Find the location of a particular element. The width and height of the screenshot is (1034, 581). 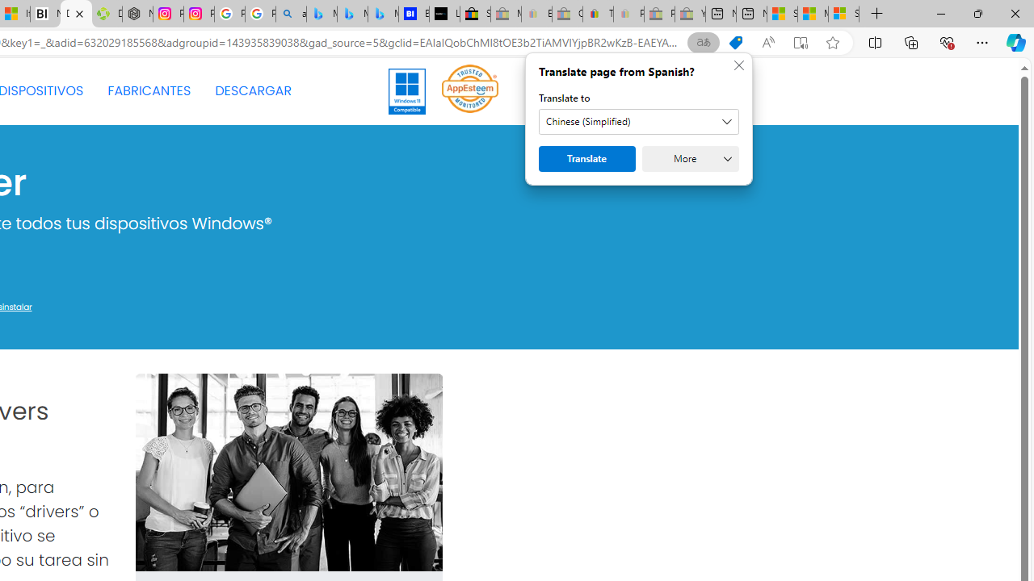

'Windows 11' is located at coordinates (407, 91).